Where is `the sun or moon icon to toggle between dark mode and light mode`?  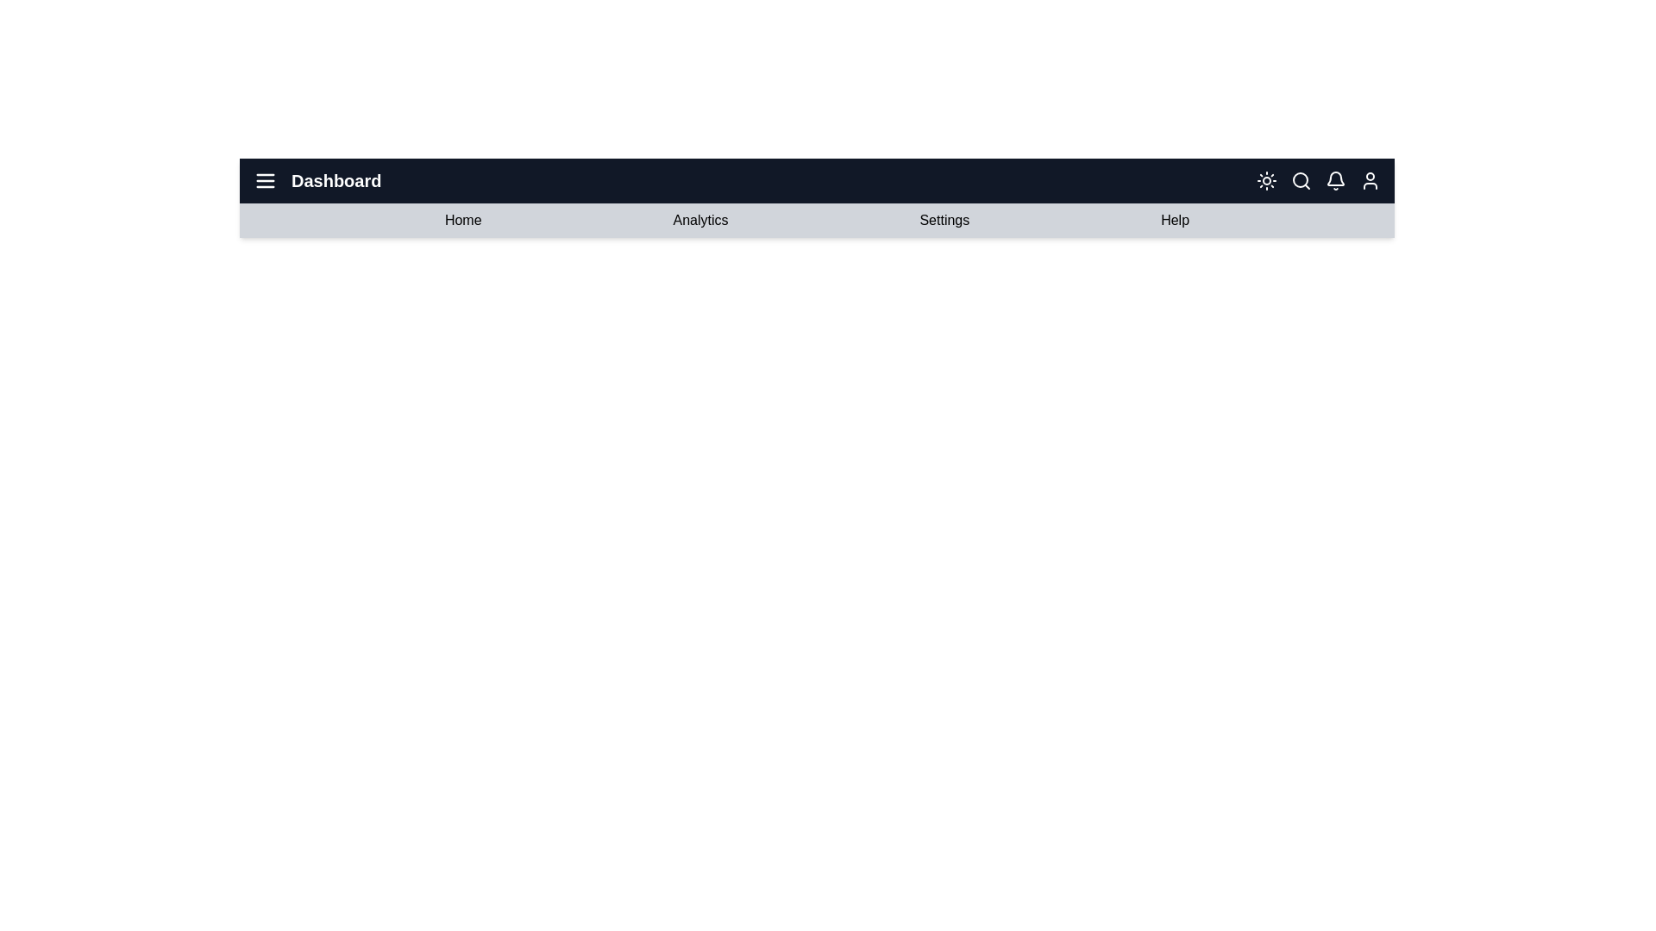 the sun or moon icon to toggle between dark mode and light mode is located at coordinates (1266, 180).